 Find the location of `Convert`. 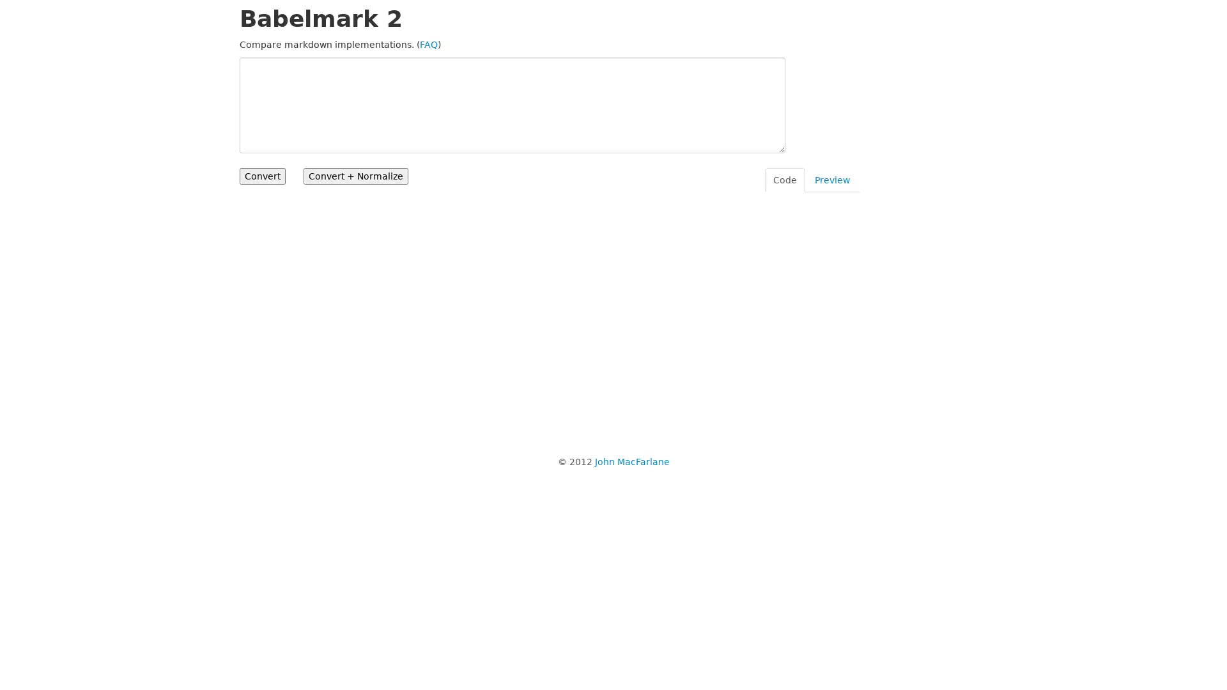

Convert is located at coordinates (262, 176).